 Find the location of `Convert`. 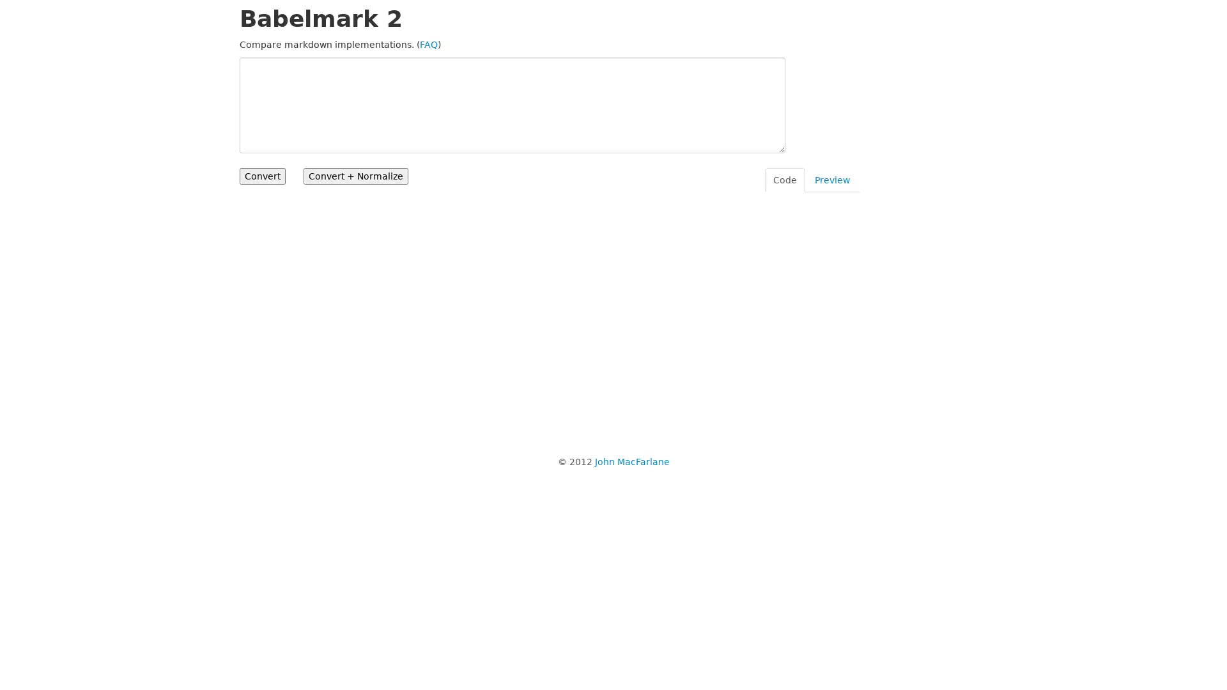

Convert is located at coordinates (262, 176).